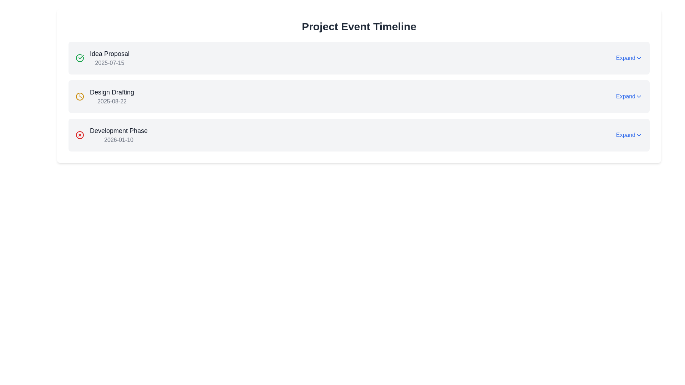 The height and width of the screenshot is (385, 685). I want to click on the clock icon, which is circular with a yellow outer stroke and is located to the left of the text 'Design Drafting' in the second item of a vertically stacked list of project events, so click(80, 96).